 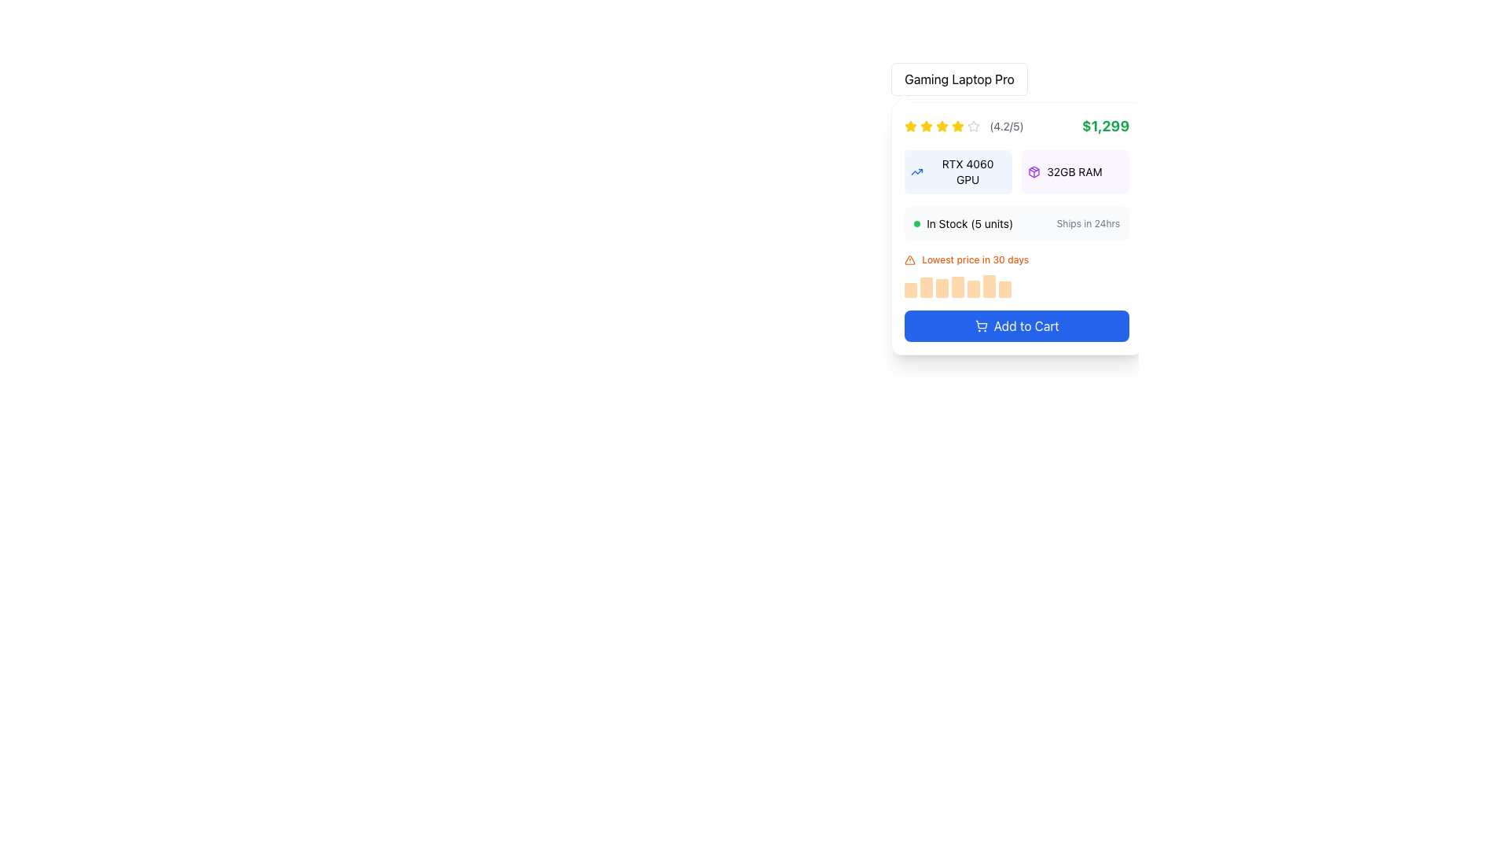 What do you see at coordinates (1105, 126) in the screenshot?
I see `the price Text Label located in the top right corner of the product card, which is aligned with the rating score '(4.2/5)' on its left` at bounding box center [1105, 126].